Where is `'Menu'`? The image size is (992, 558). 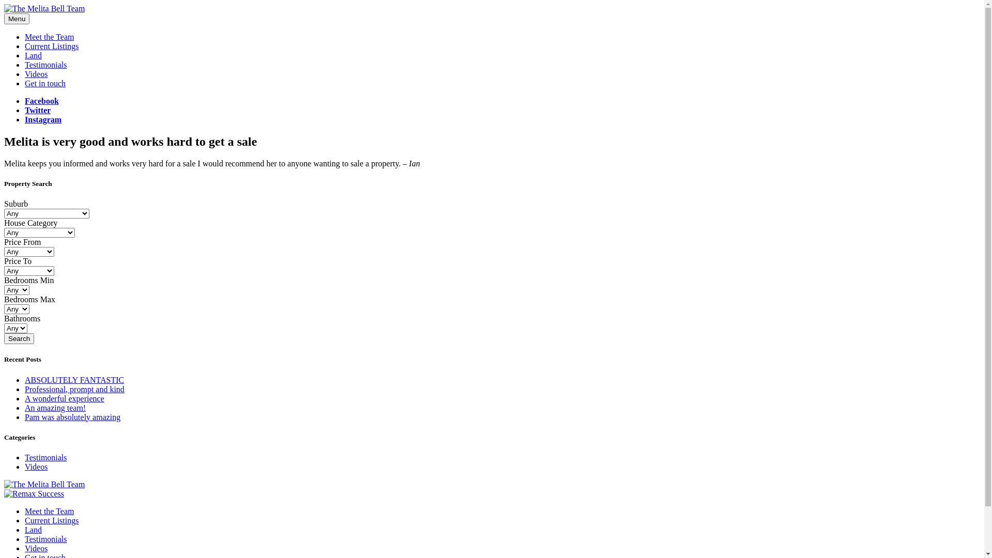
'Menu' is located at coordinates (17, 19).